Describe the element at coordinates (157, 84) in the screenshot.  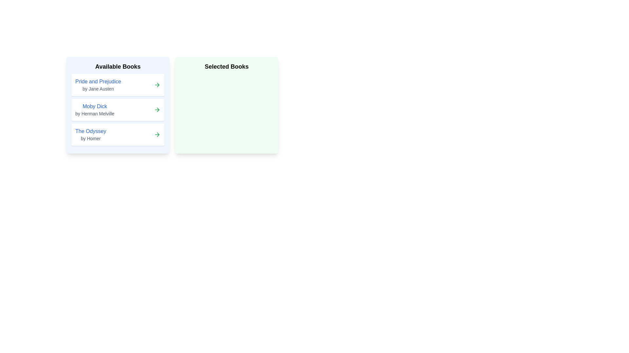
I see `the green arrow icon on the right side of the list item for 'Pride and Prejudice' by Jane Austen` at that location.